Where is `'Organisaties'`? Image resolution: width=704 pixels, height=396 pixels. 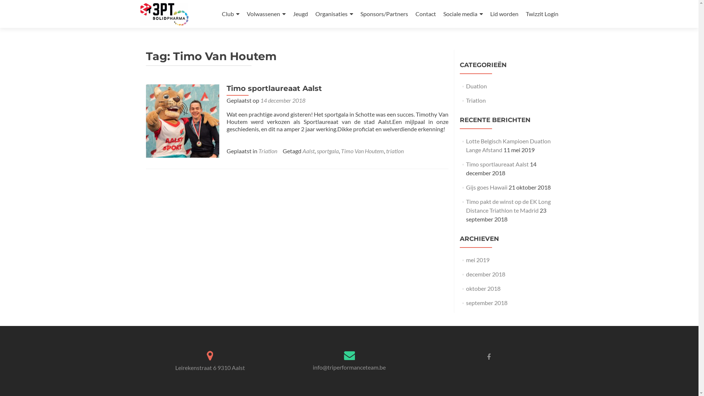 'Organisaties' is located at coordinates (334, 14).